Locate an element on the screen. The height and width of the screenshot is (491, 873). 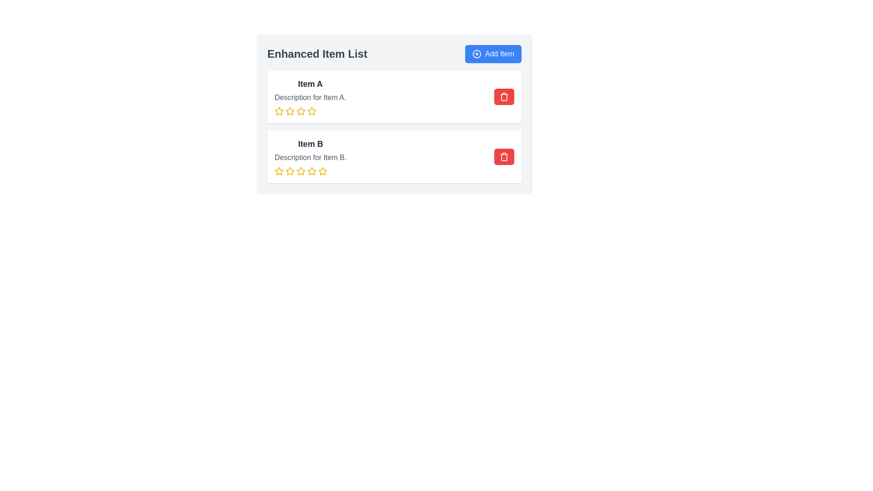
the third star from the left in the row of five stars for 'Item A' is located at coordinates (301, 110).